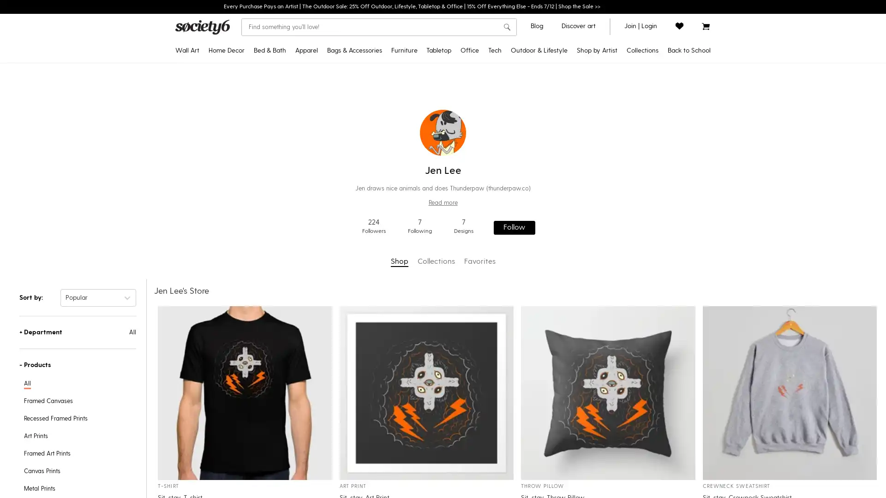 The width and height of the screenshot is (886, 498). I want to click on Sun Shades, so click(552, 282).